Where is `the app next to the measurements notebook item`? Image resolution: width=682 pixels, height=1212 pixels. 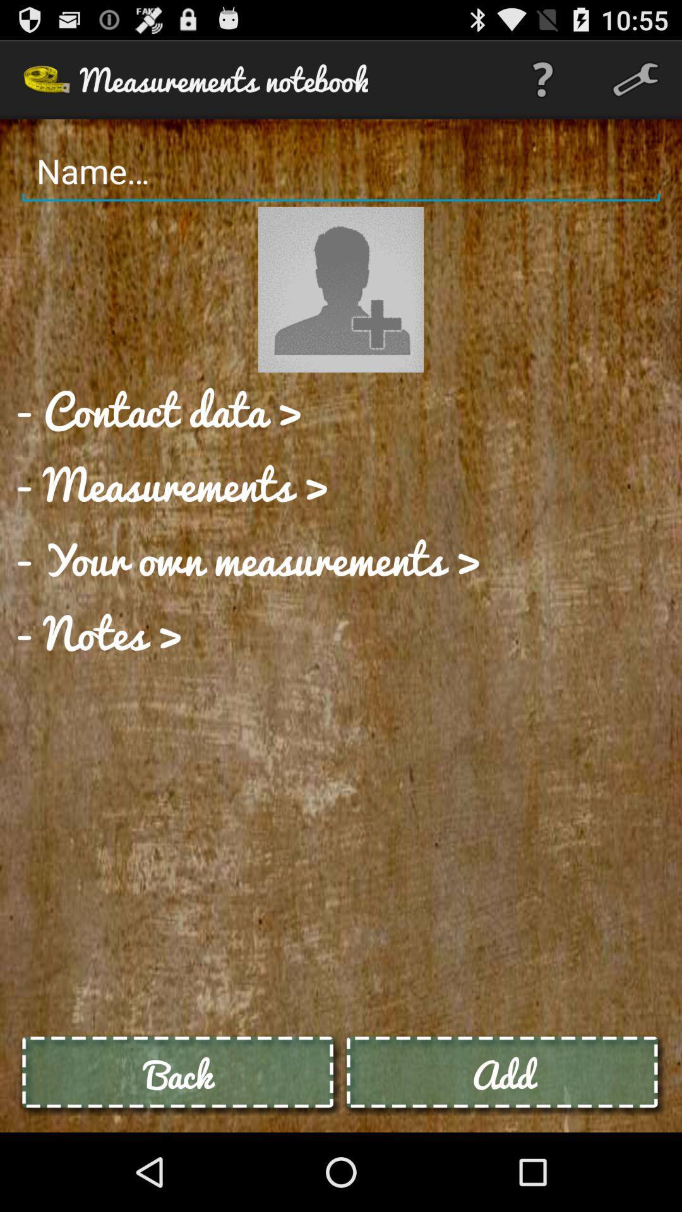 the app next to the measurements notebook item is located at coordinates (542, 78).